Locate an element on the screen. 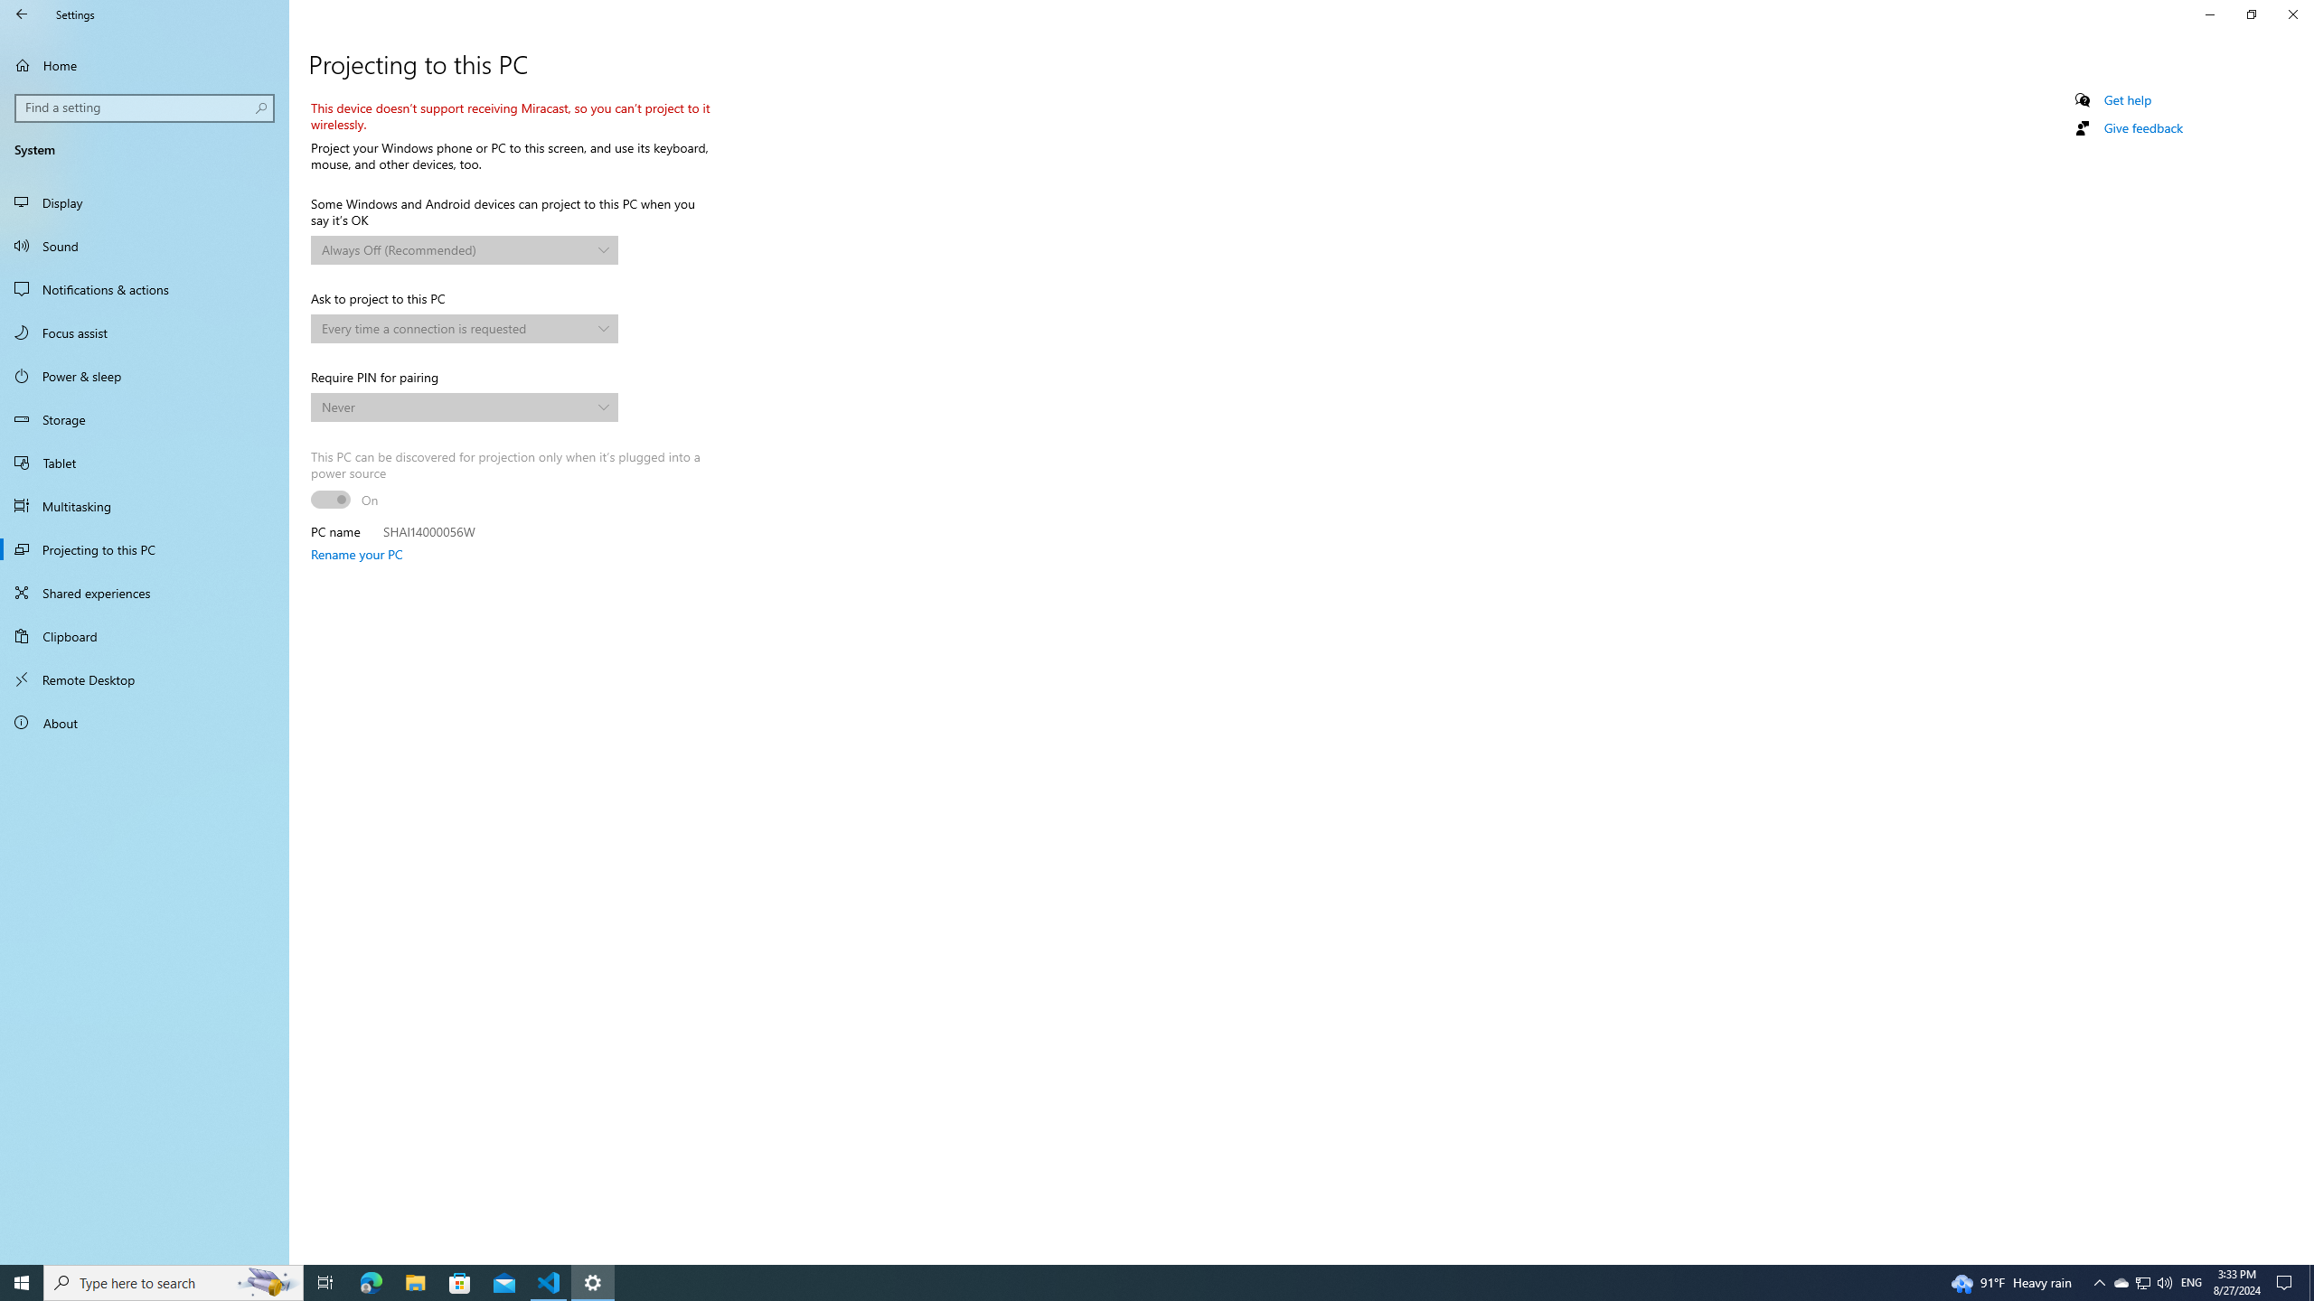 This screenshot has width=2314, height=1301. 'Always Off (Recommended)' is located at coordinates (456, 248).